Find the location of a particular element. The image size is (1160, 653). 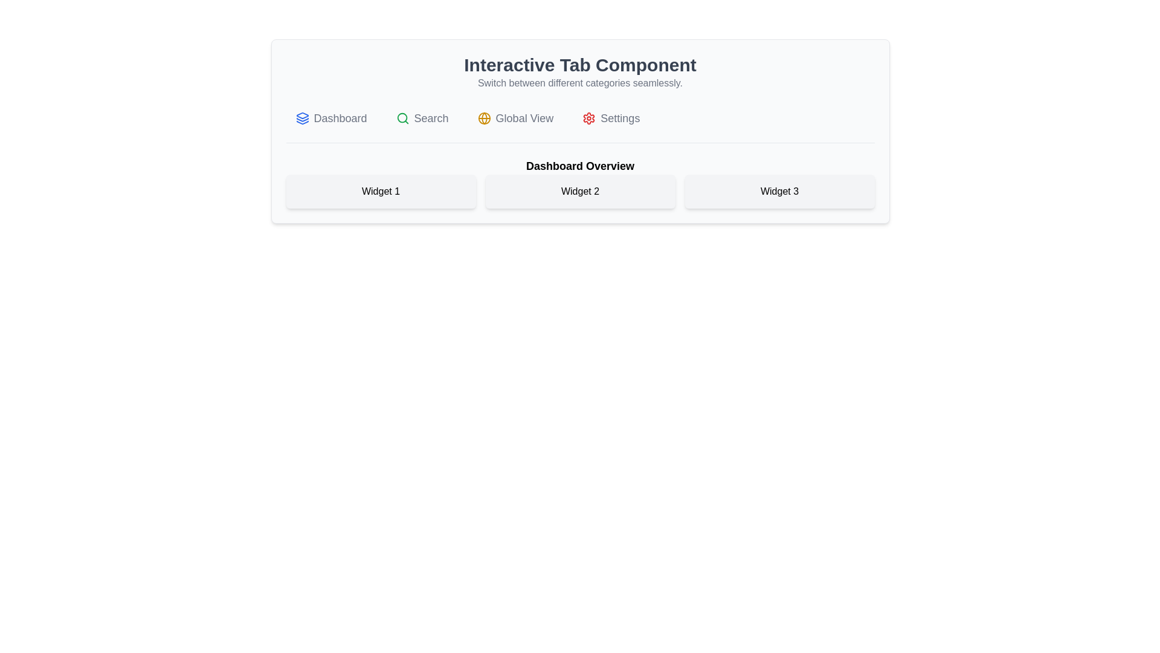

the circular decorative element of the search icon, which is the second tab icon in the navigation header is located at coordinates (402, 118).